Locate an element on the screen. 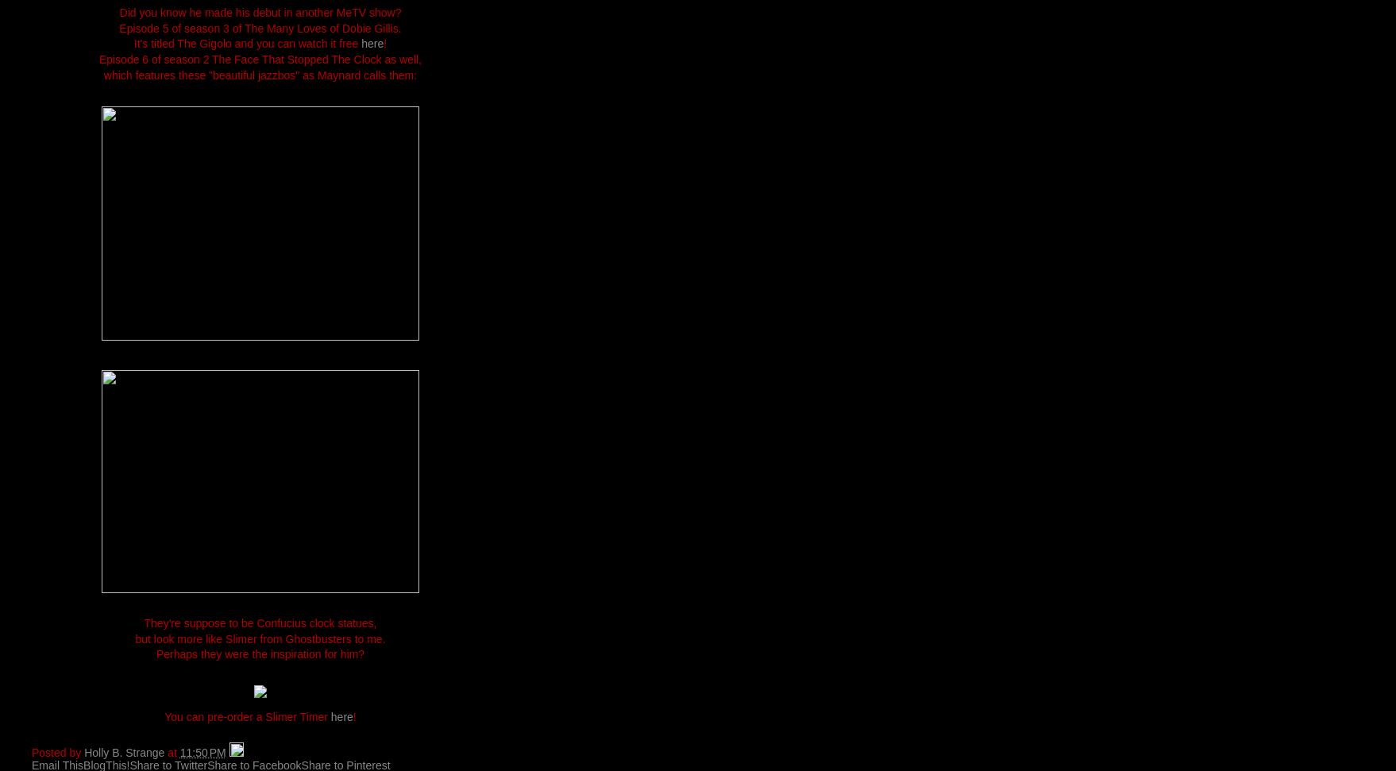 This screenshot has width=1396, height=771. 'but look more like Slimer from Ghostbusters to me.' is located at coordinates (260, 638).